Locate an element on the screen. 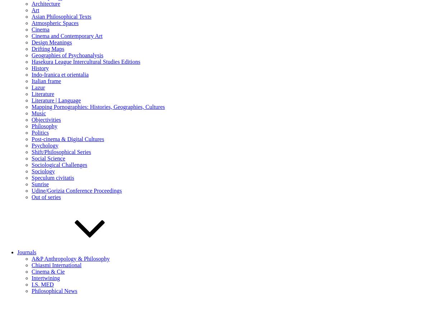 The image size is (421, 313). 'Politics' is located at coordinates (40, 132).